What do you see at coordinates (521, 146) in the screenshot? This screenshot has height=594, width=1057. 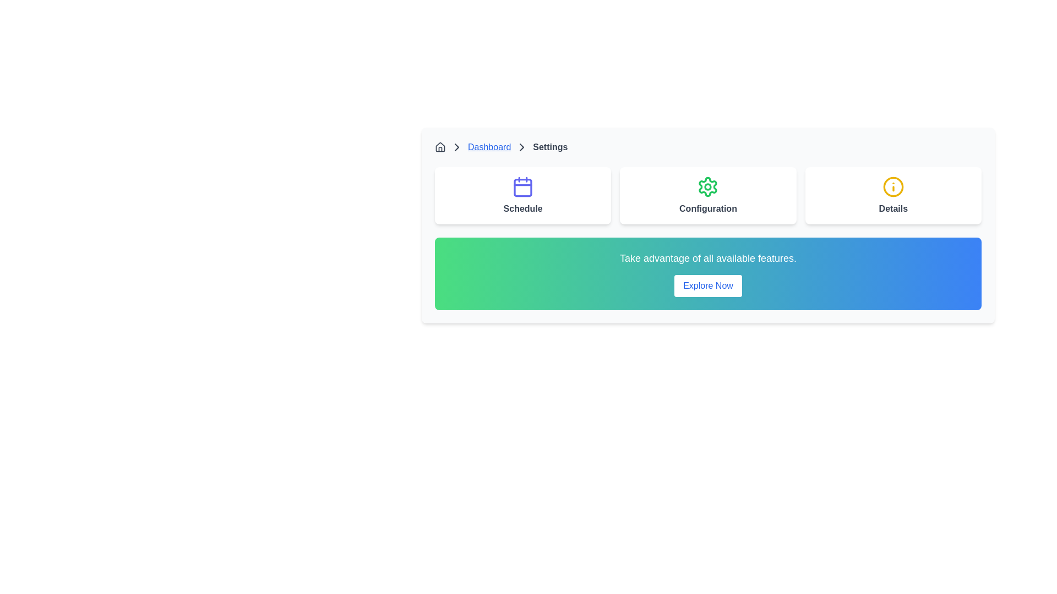 I see `the 'Settings' icon in the top navigation bar, which indicates access to the settings menu and is positioned next to the 'Dashboard' and 'Settings' text items` at bounding box center [521, 146].